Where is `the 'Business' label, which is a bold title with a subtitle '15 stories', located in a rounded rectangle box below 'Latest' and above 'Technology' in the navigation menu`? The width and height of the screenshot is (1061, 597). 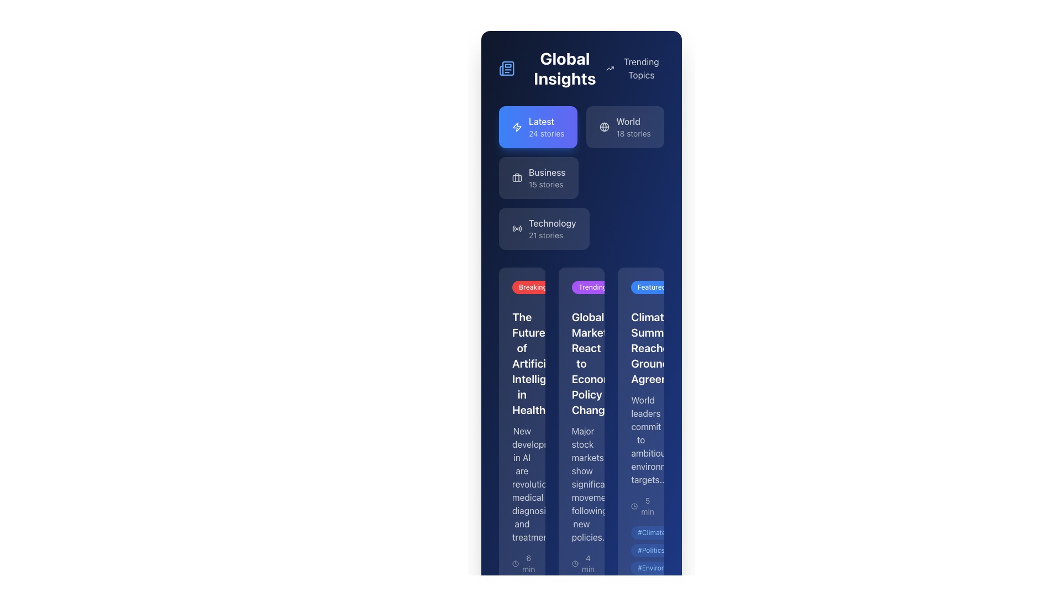 the 'Business' label, which is a bold title with a subtitle '15 stories', located in a rounded rectangle box below 'Latest' and above 'Technology' in the navigation menu is located at coordinates (547, 177).